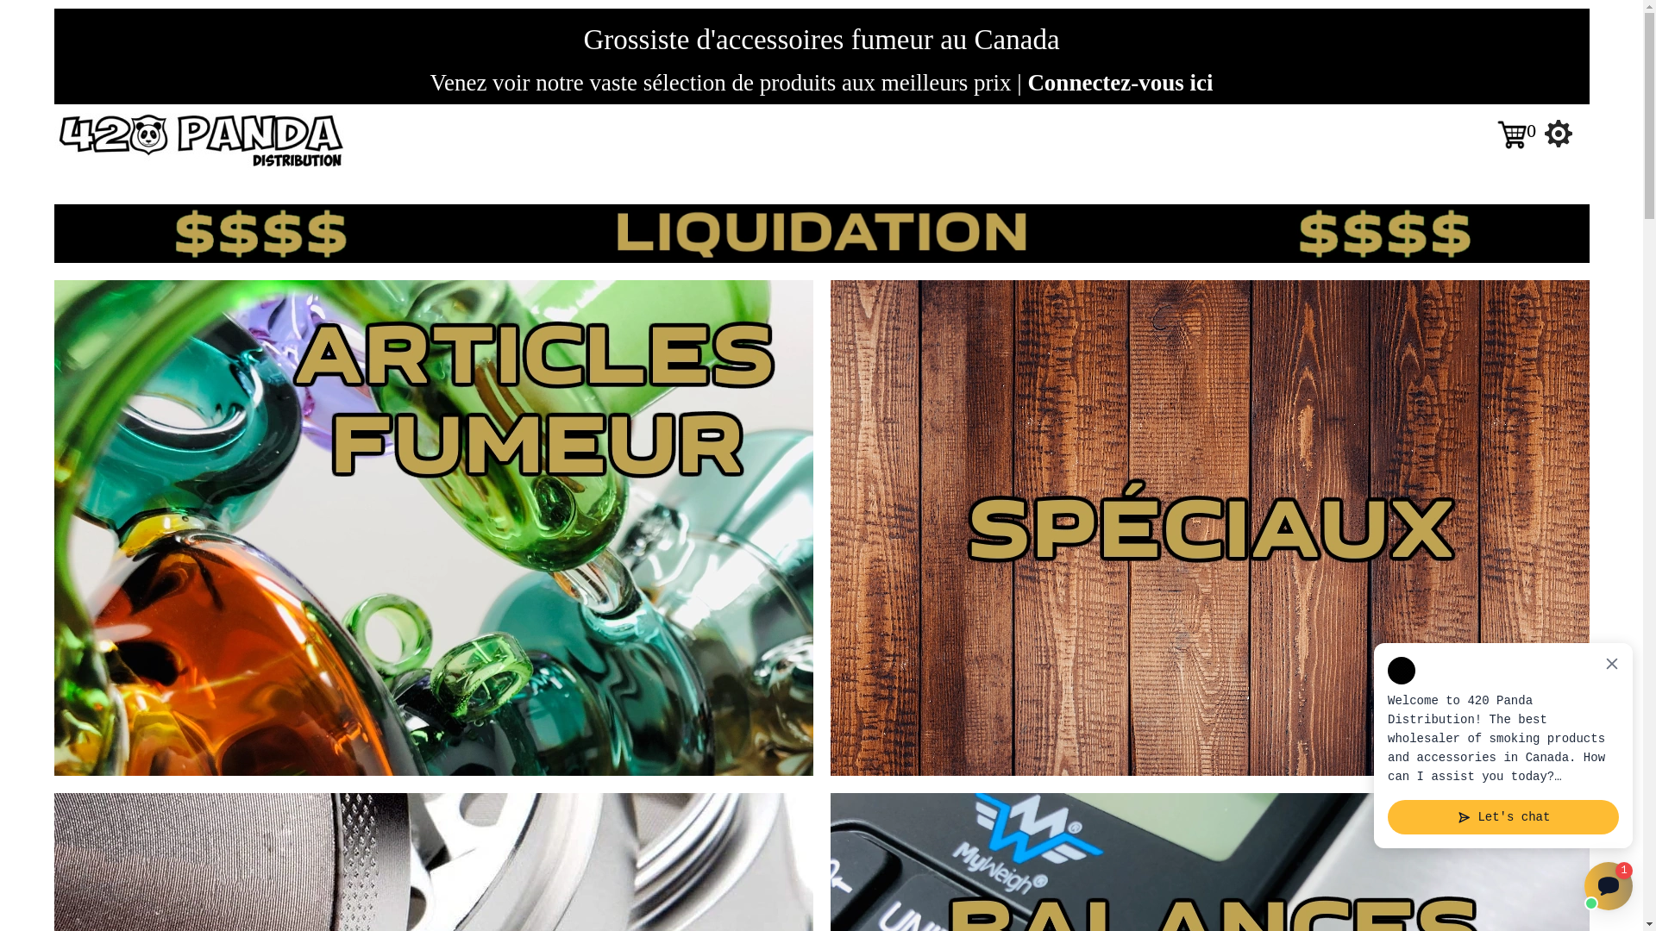 The width and height of the screenshot is (1656, 931). Describe the element at coordinates (1496, 132) in the screenshot. I see `'0'` at that location.